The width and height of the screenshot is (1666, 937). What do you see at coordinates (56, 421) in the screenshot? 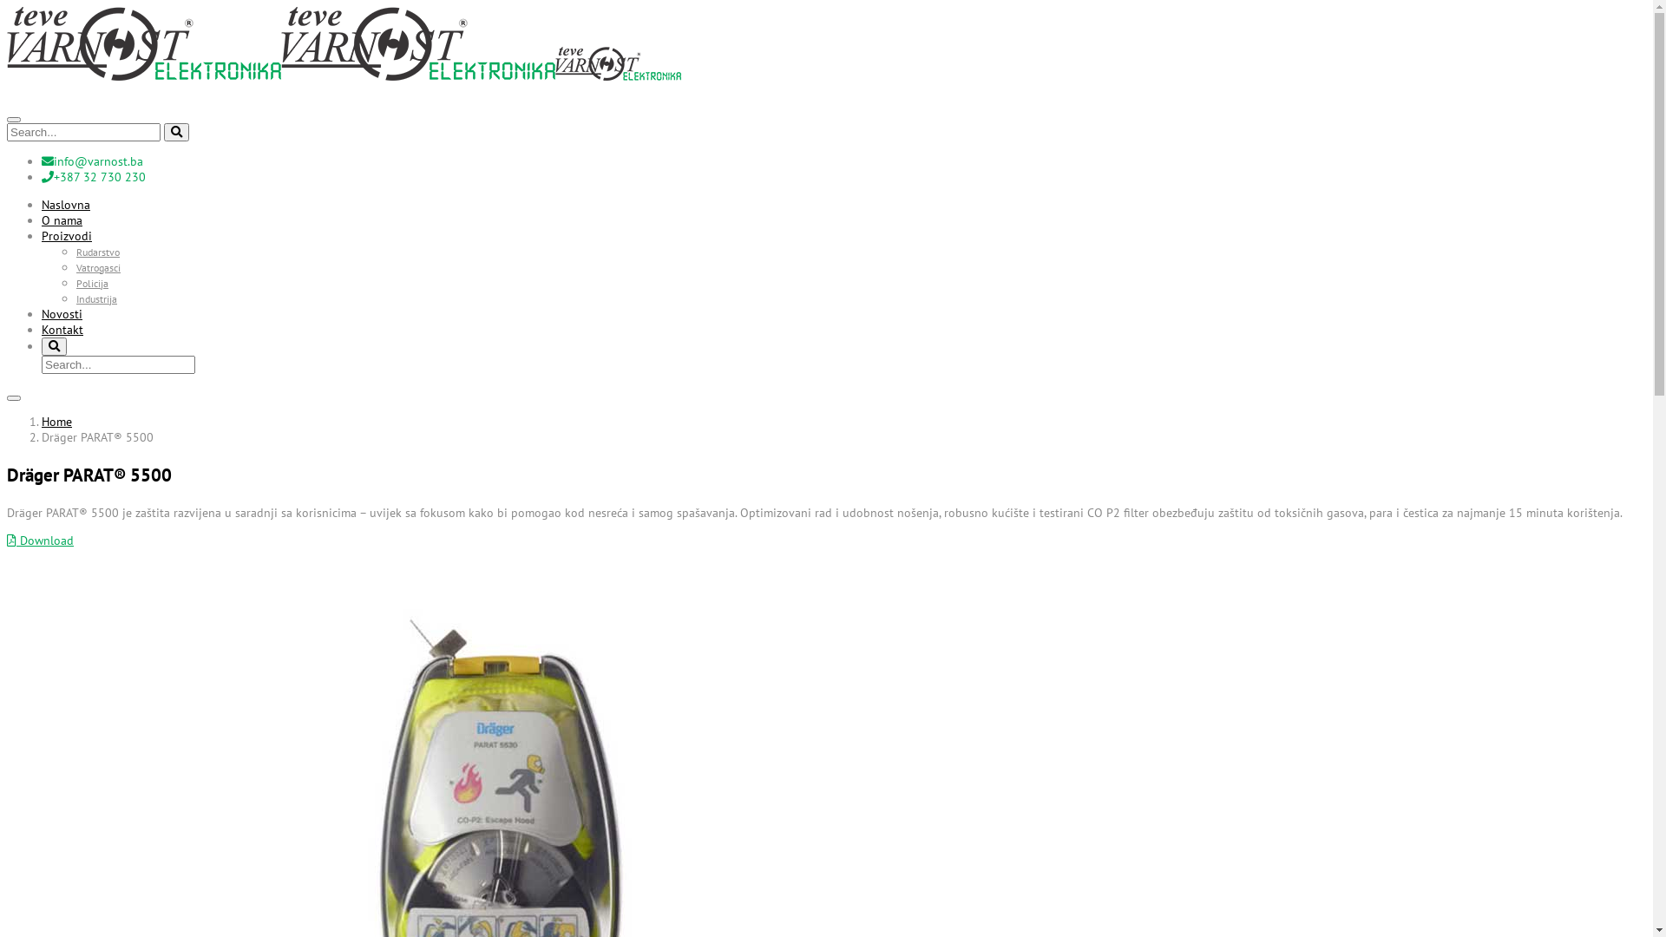
I see `'Home'` at bounding box center [56, 421].